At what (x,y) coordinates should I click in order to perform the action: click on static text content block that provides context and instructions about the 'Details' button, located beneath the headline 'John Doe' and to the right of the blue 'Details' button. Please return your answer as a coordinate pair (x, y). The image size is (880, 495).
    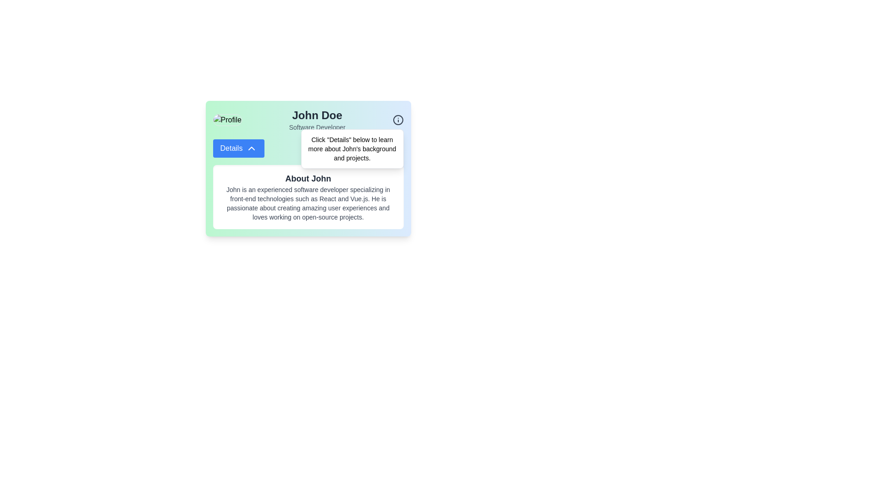
    Looking at the image, I should click on (352, 148).